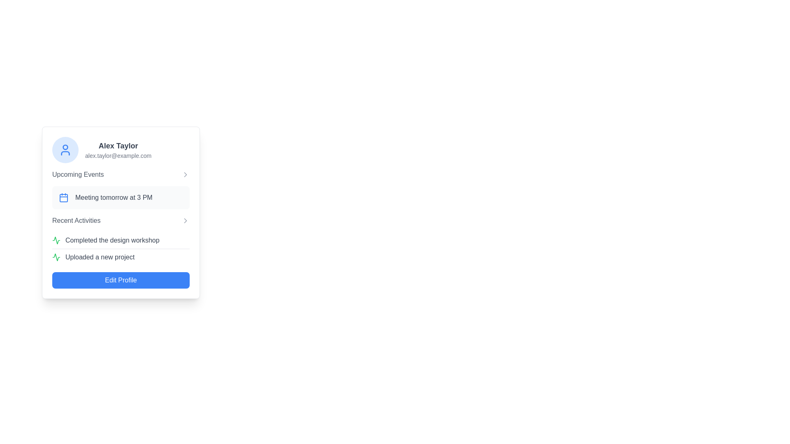 This screenshot has width=790, height=444. What do you see at coordinates (63, 198) in the screenshot?
I see `the calendar icon with a blue outline that is positioned to the left of the text 'Meeting tomorrow at 3 PM' in the 'Upcoming Events' section of the card layout` at bounding box center [63, 198].